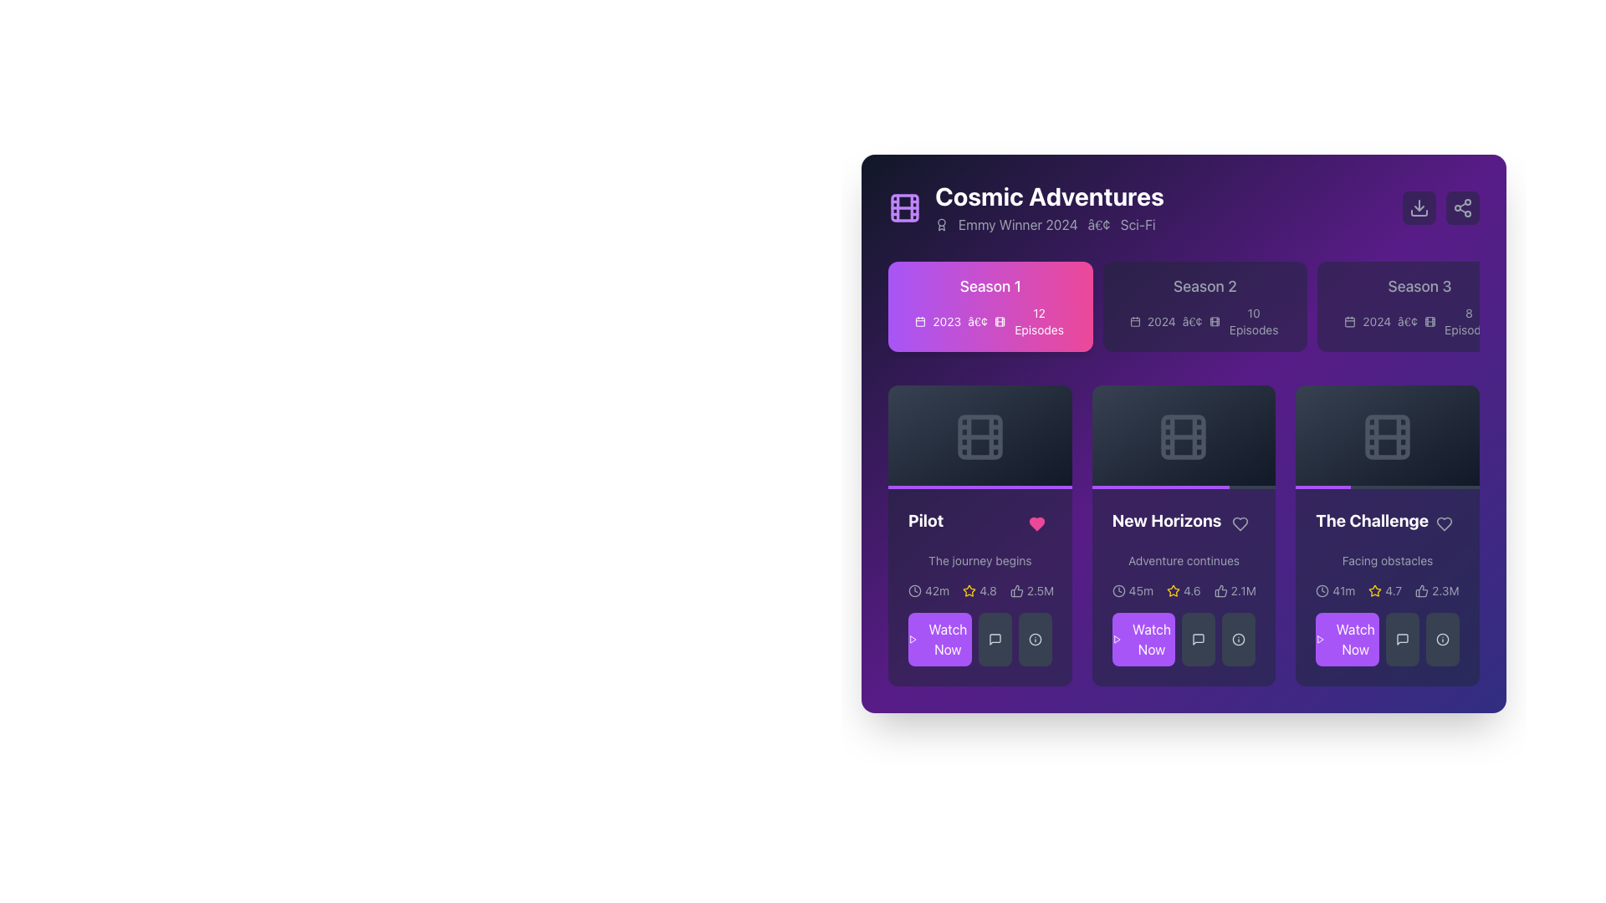  Describe the element at coordinates (1183, 487) in the screenshot. I see `the progress of the horizontal progress bar located at the bottom of the 'New Horizons' card, which features a light gray background and a purple foreground indicating progress` at that location.